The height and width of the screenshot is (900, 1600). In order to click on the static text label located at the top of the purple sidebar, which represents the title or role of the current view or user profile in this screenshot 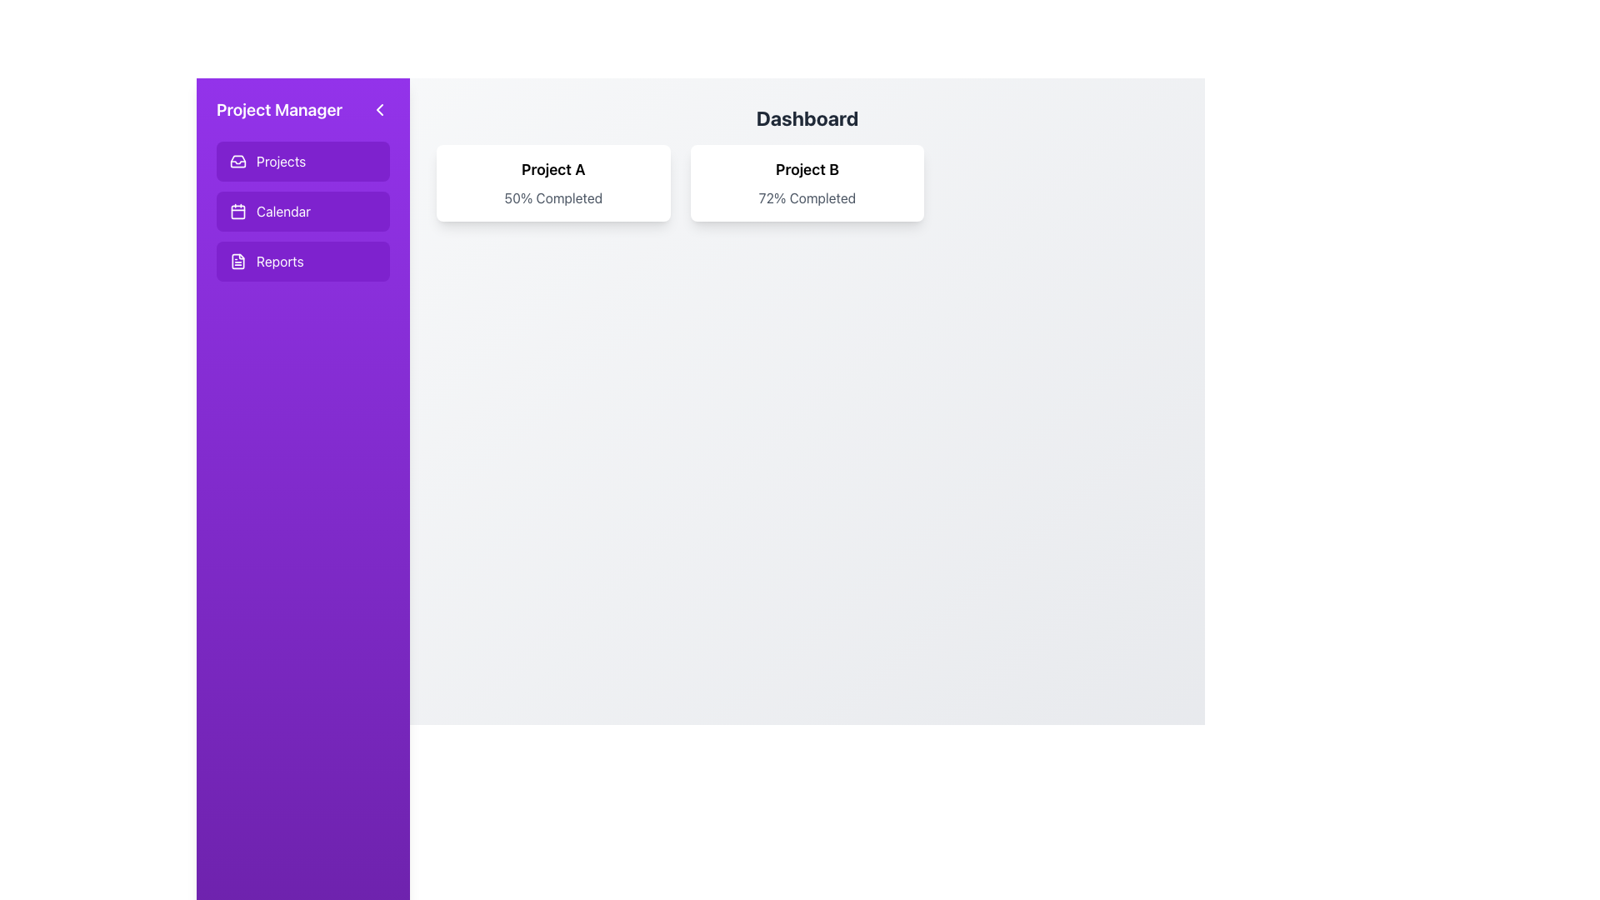, I will do `click(279, 109)`.